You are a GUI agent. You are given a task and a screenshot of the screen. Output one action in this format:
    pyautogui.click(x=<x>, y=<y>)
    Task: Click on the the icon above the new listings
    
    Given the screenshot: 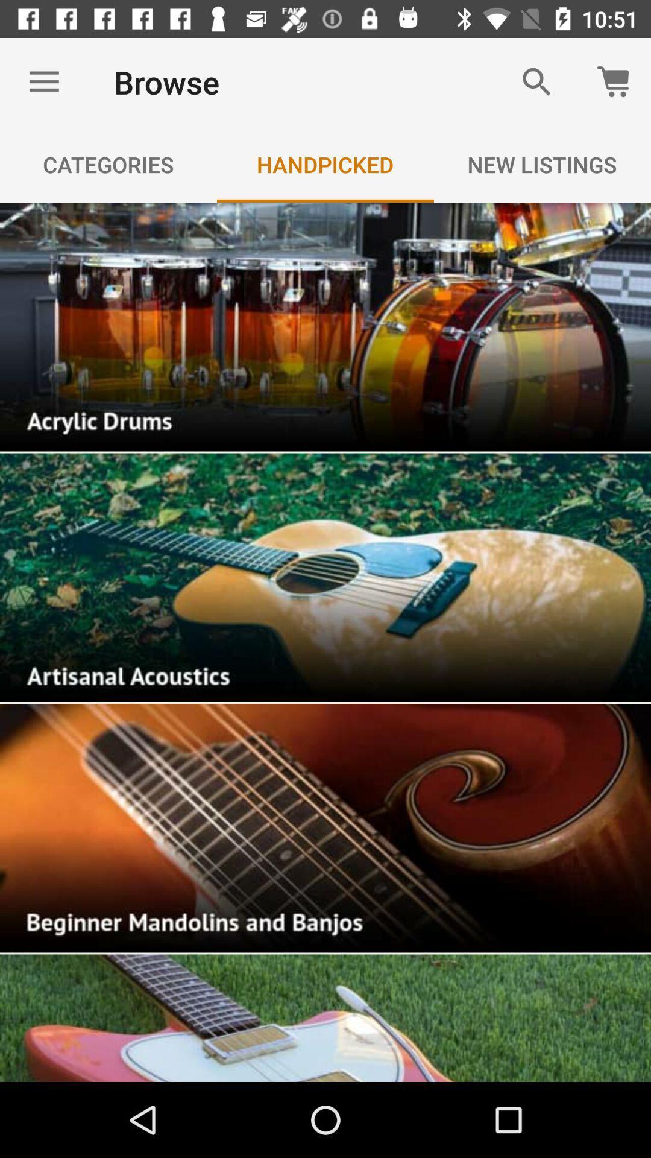 What is the action you would take?
    pyautogui.click(x=536, y=81)
    